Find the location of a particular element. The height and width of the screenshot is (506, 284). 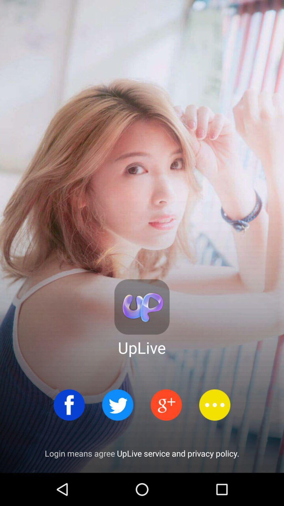

the follow icon is located at coordinates (166, 405).